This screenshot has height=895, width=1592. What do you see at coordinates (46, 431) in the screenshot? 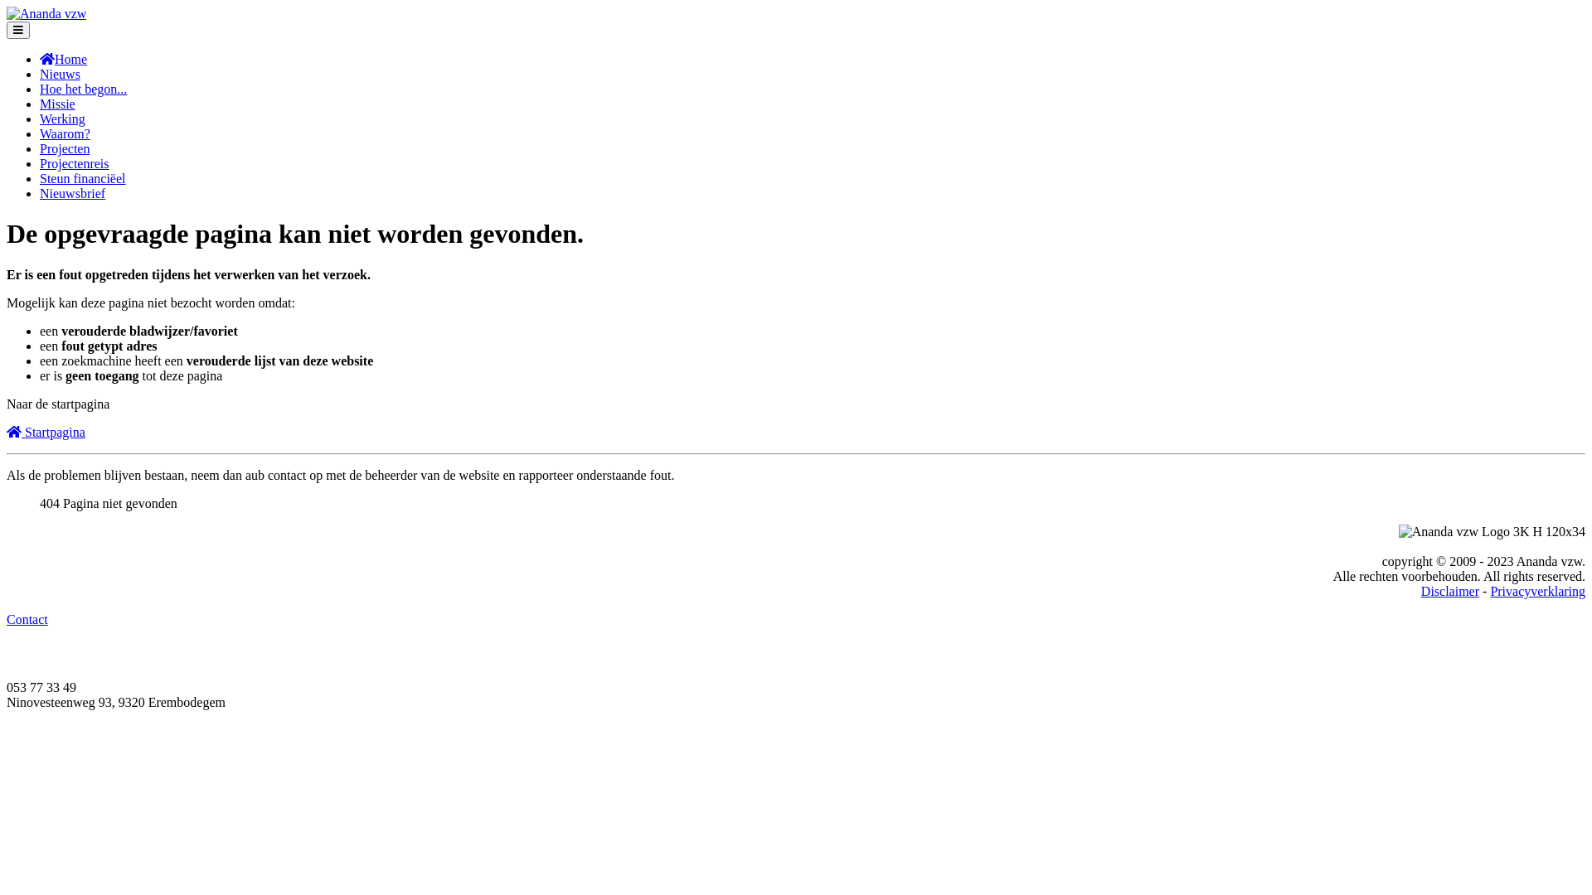
I see `'Startpagina'` at bounding box center [46, 431].